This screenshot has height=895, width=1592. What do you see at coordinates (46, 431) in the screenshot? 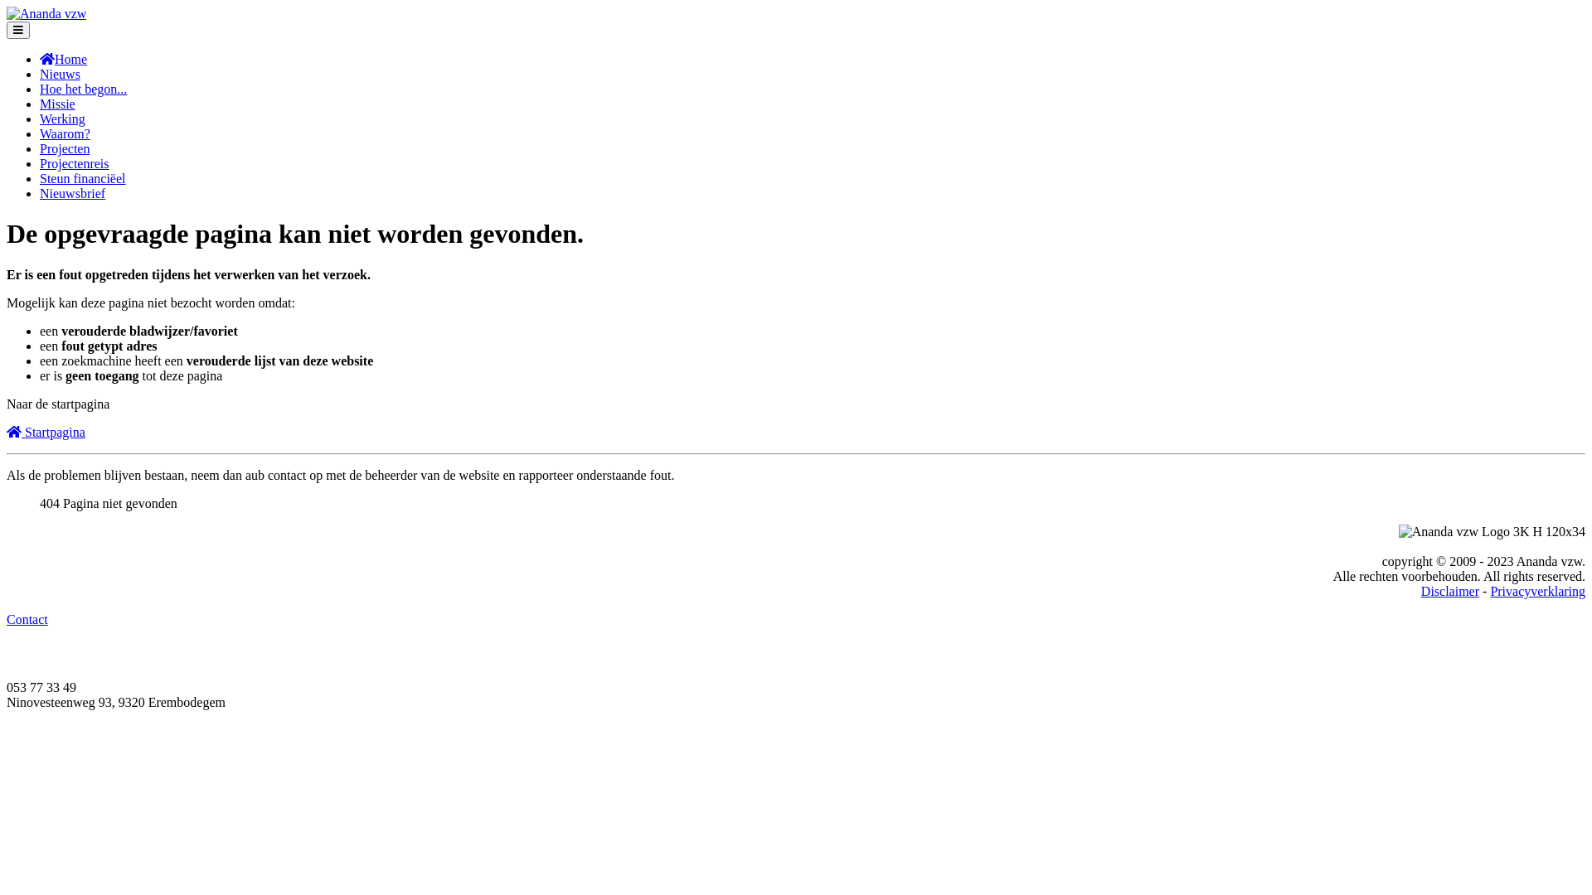
I see `'Startpagina'` at bounding box center [46, 431].